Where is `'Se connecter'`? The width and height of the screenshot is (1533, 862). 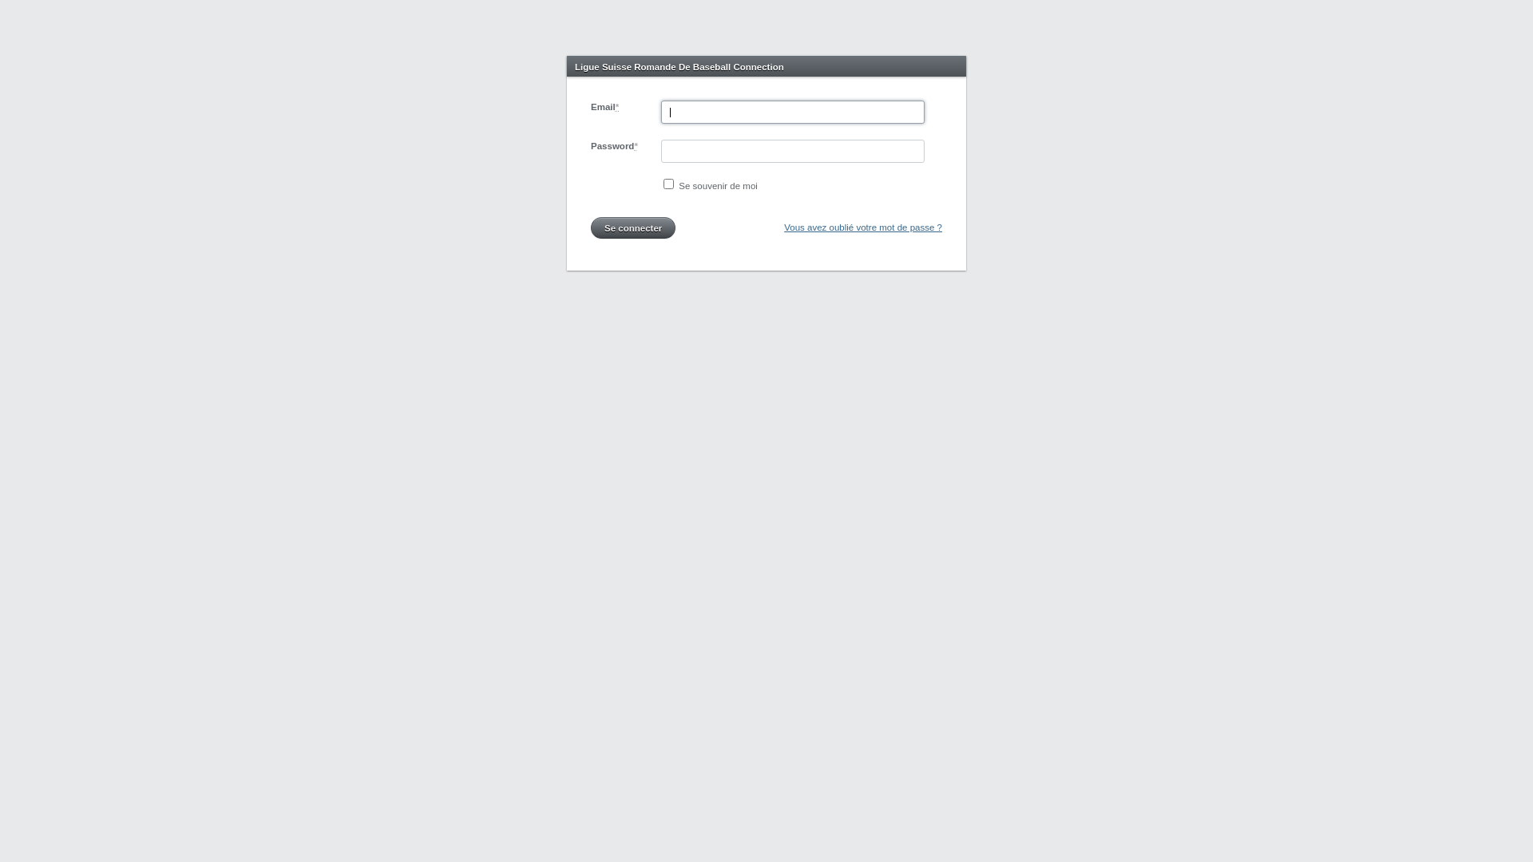
'Se connecter' is located at coordinates (589, 227).